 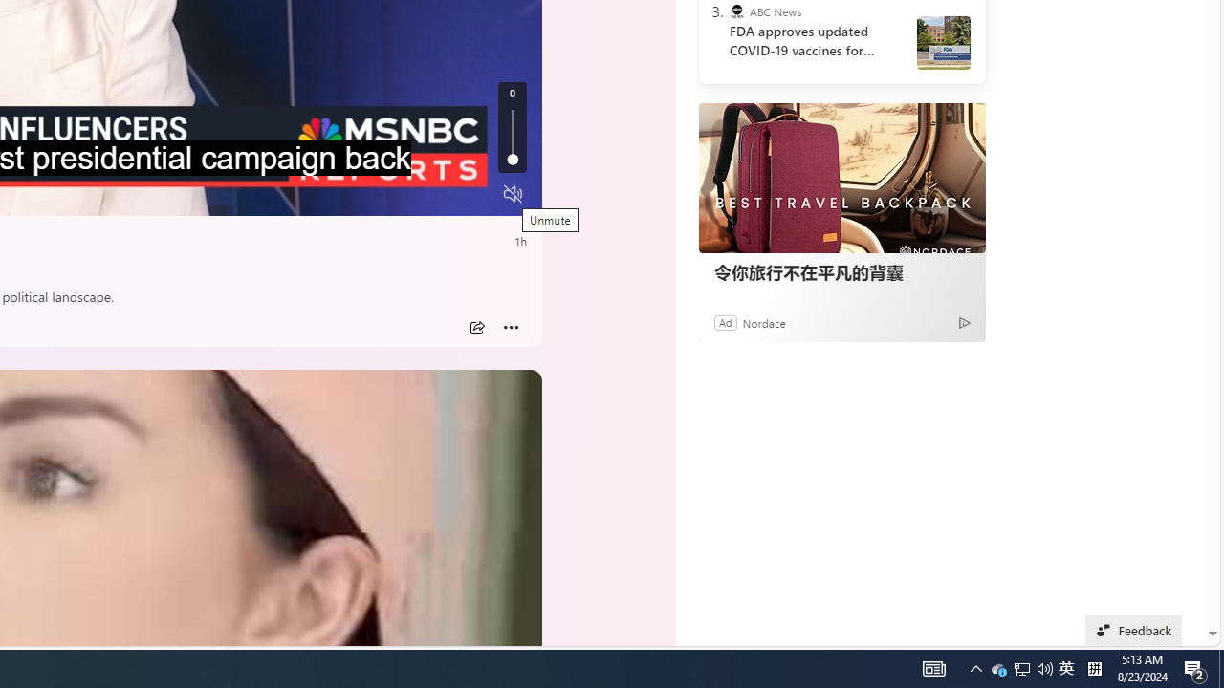 I want to click on 'Share', so click(x=476, y=327).